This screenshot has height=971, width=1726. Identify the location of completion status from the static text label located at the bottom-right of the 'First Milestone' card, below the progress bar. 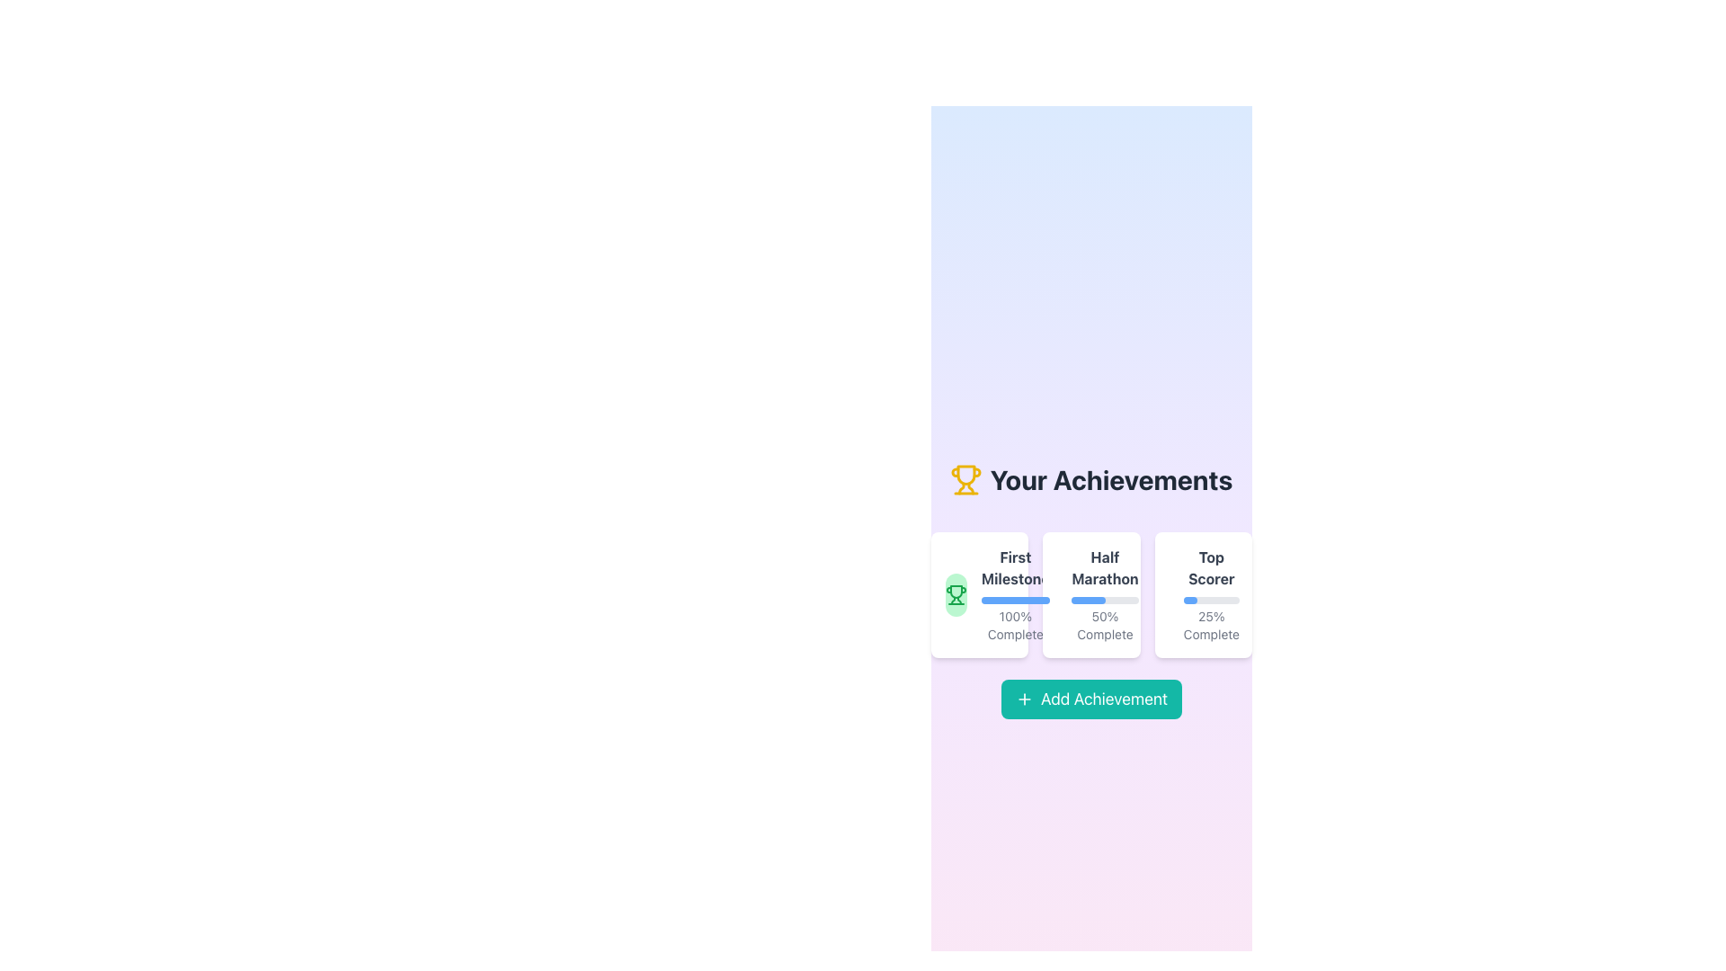
(1015, 624).